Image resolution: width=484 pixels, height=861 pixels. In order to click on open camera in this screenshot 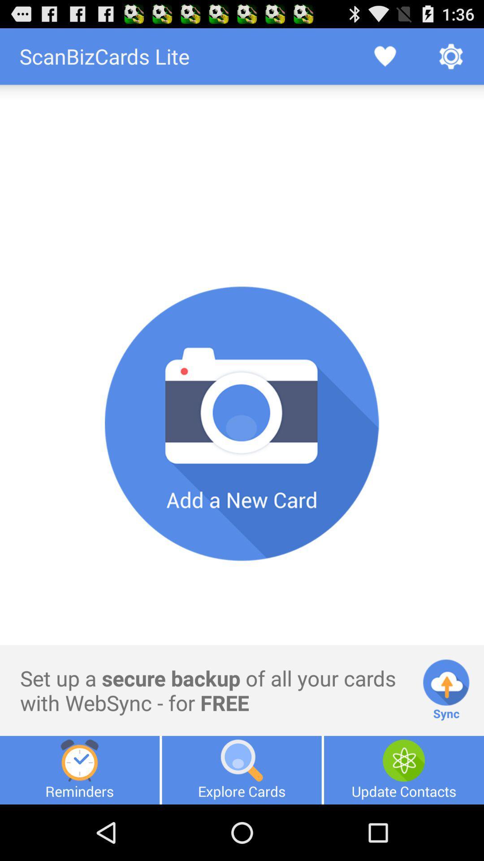, I will do `click(242, 423)`.